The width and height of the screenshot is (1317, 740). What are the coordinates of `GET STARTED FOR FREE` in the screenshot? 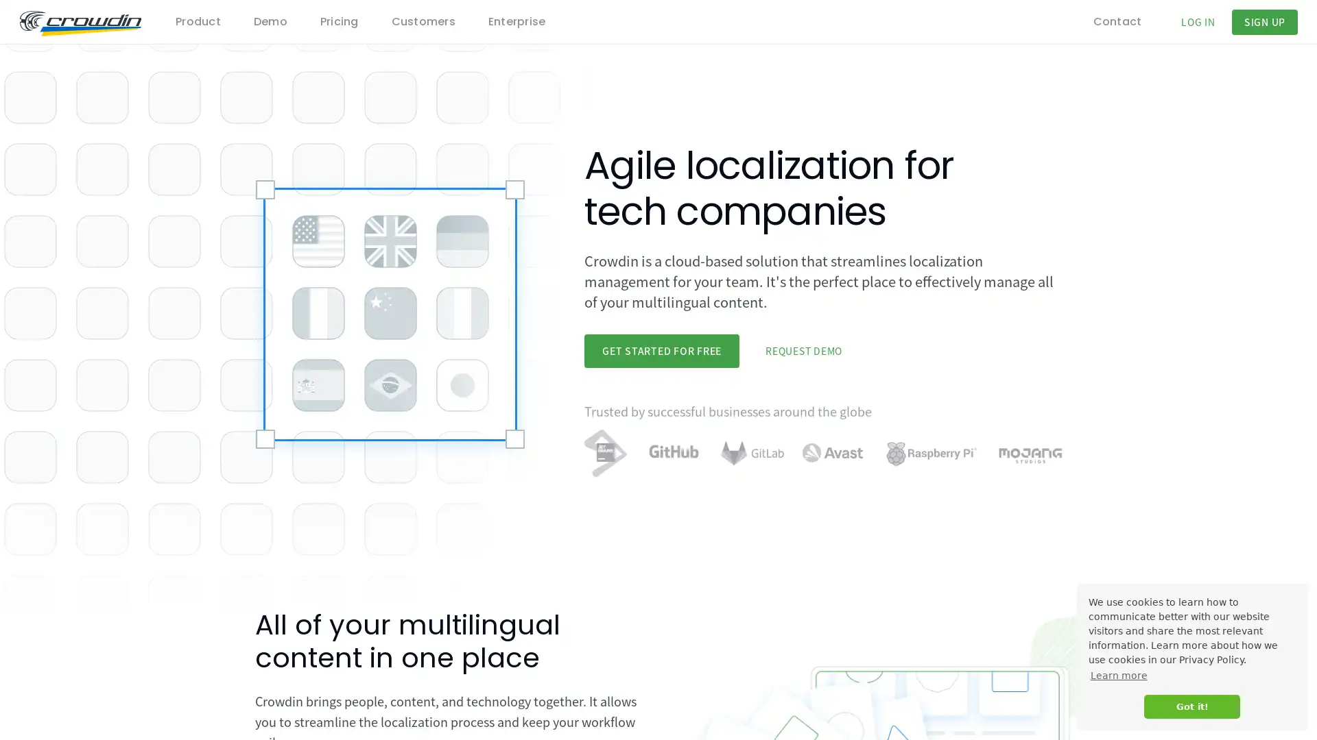 It's located at (661, 350).